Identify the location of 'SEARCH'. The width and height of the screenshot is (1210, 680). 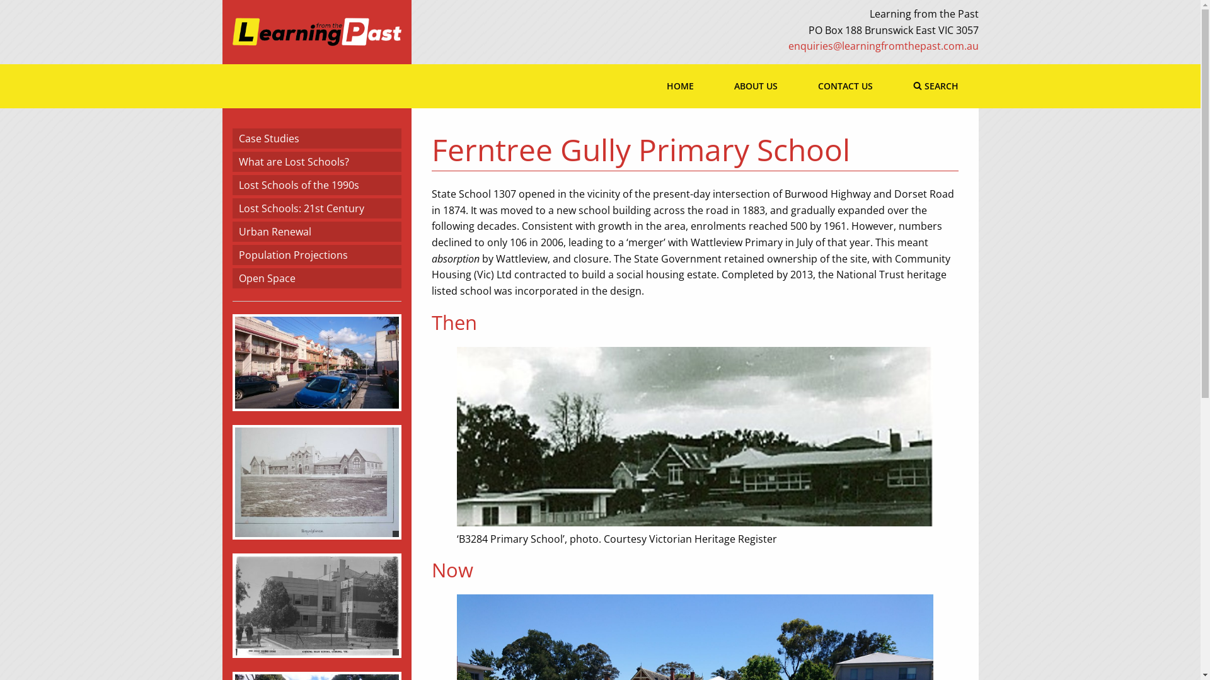
(892, 86).